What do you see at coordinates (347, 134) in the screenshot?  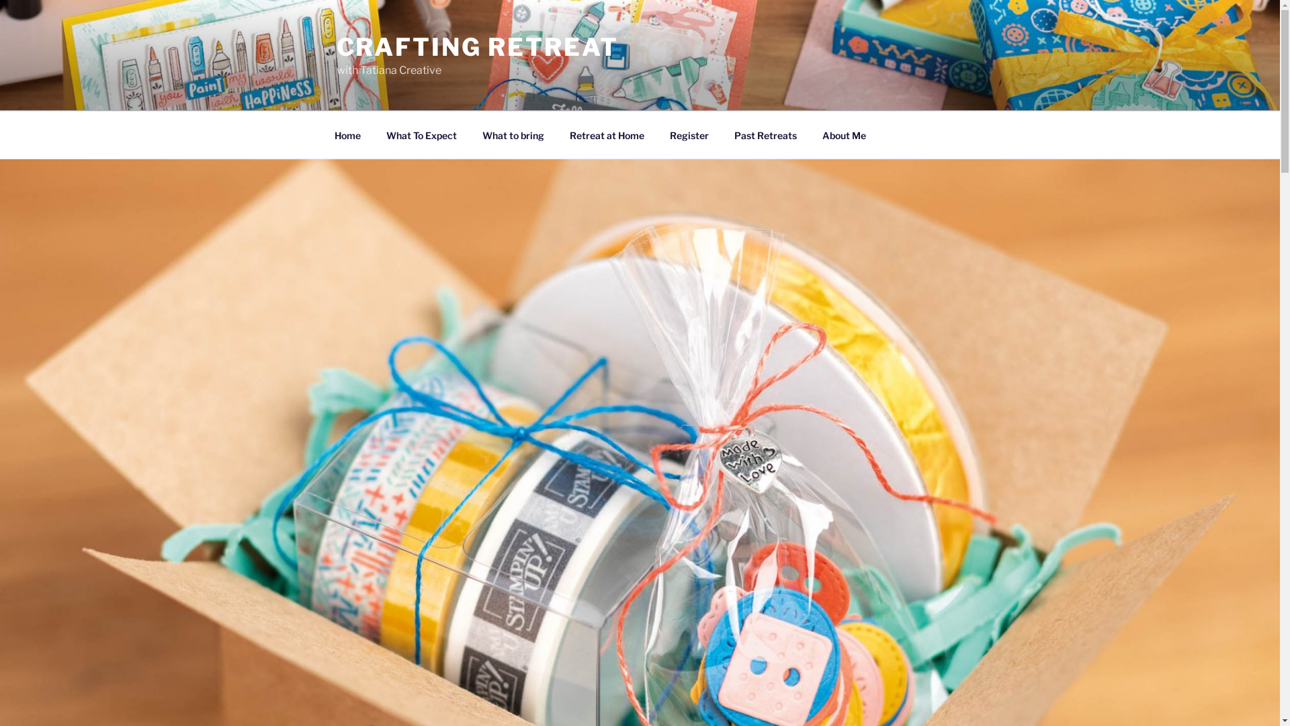 I see `'Home'` at bounding box center [347, 134].